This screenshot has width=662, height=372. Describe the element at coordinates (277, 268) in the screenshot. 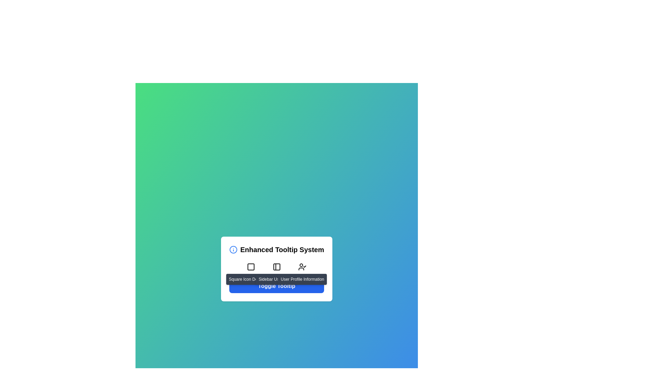

I see `the center square icon with a vertical dividing line, which has a tooltip labeled 'Sidebar Usage Tips', located below the heading 'Enhanced Tooltip System'` at that location.